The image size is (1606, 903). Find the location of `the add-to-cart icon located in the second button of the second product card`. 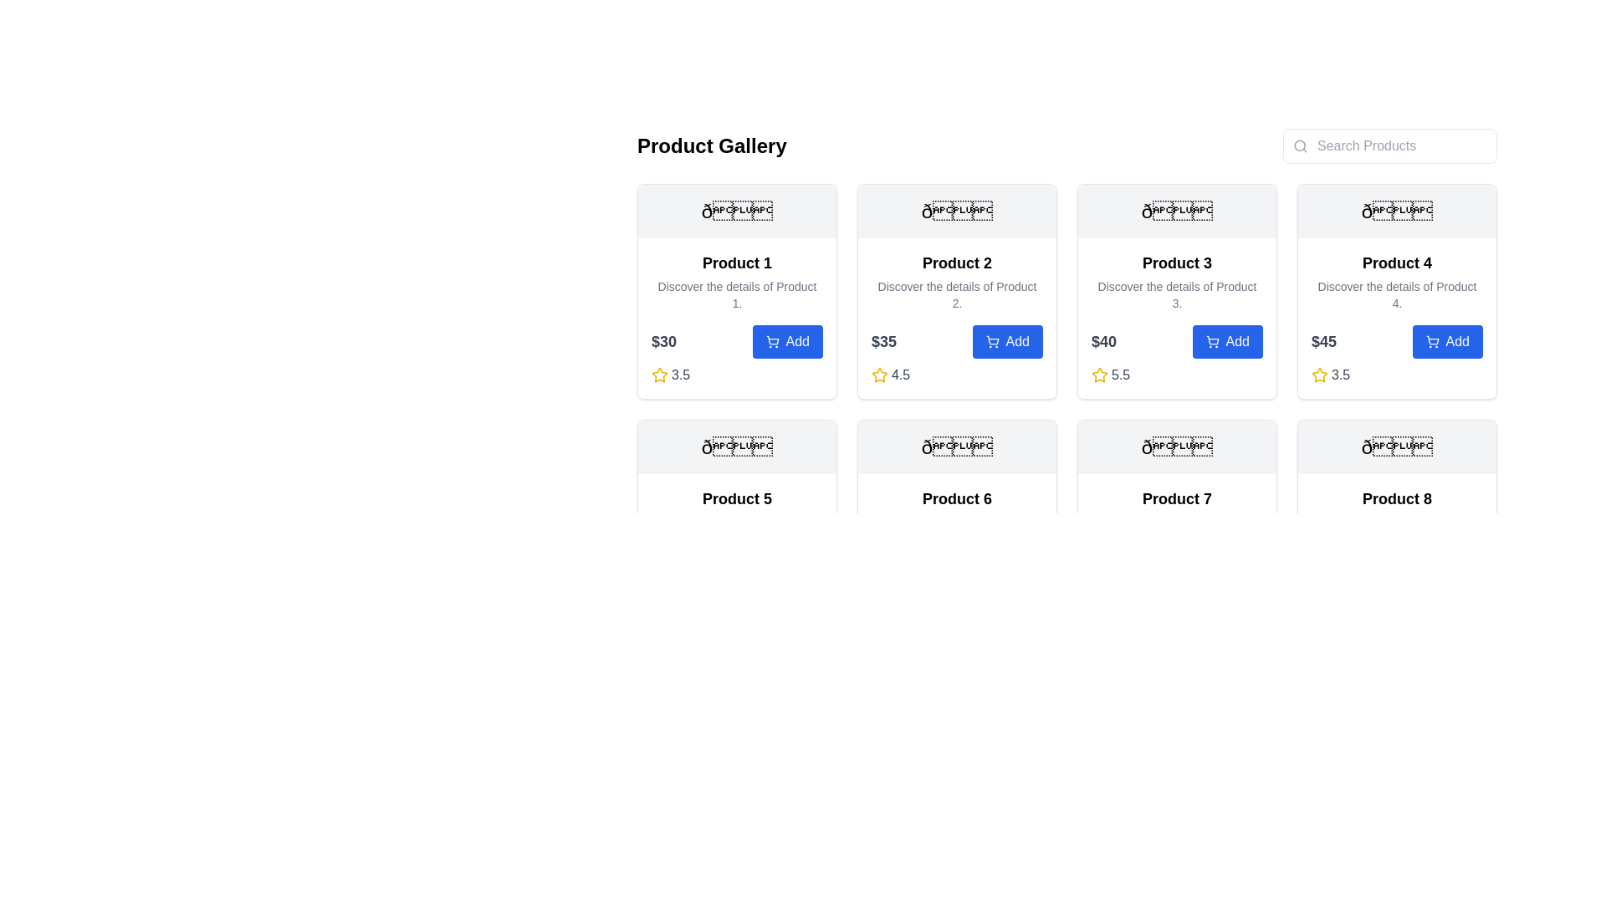

the add-to-cart icon located in the second button of the second product card is located at coordinates (992, 339).